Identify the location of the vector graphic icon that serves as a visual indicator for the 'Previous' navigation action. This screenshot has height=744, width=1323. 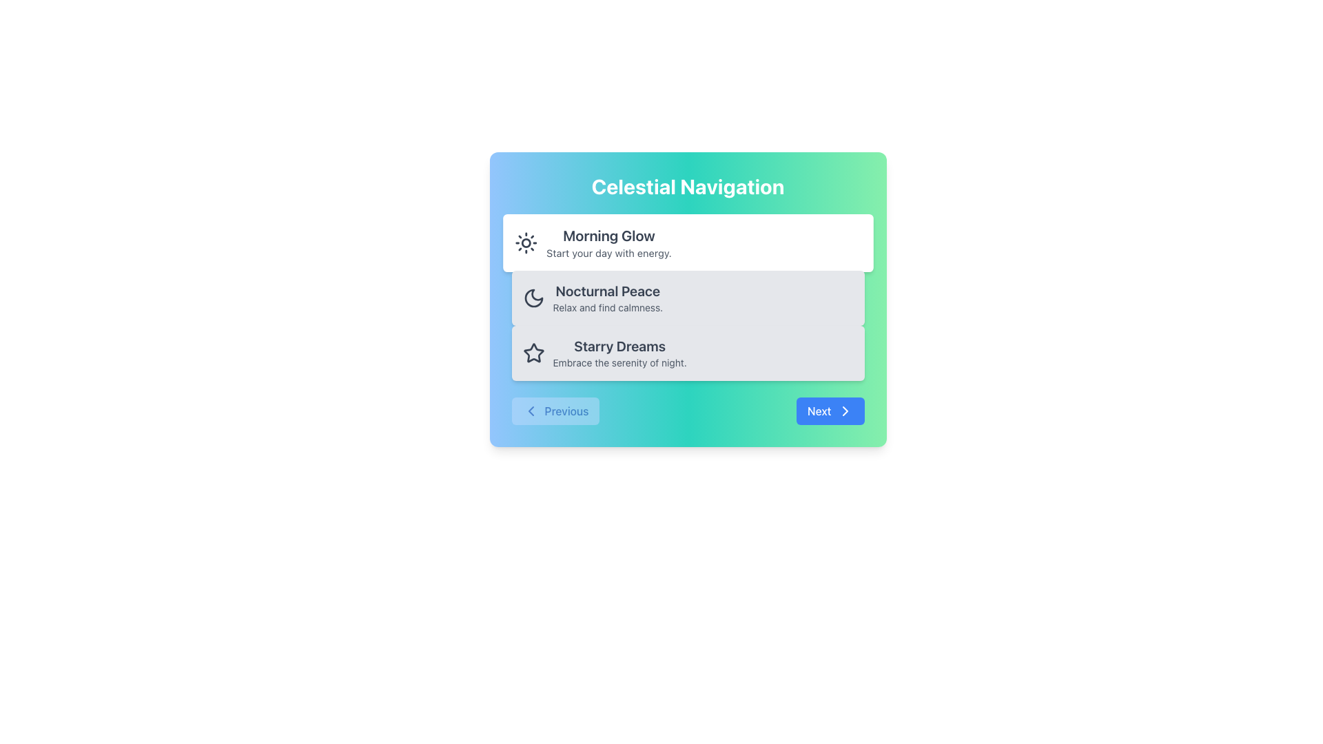
(530, 411).